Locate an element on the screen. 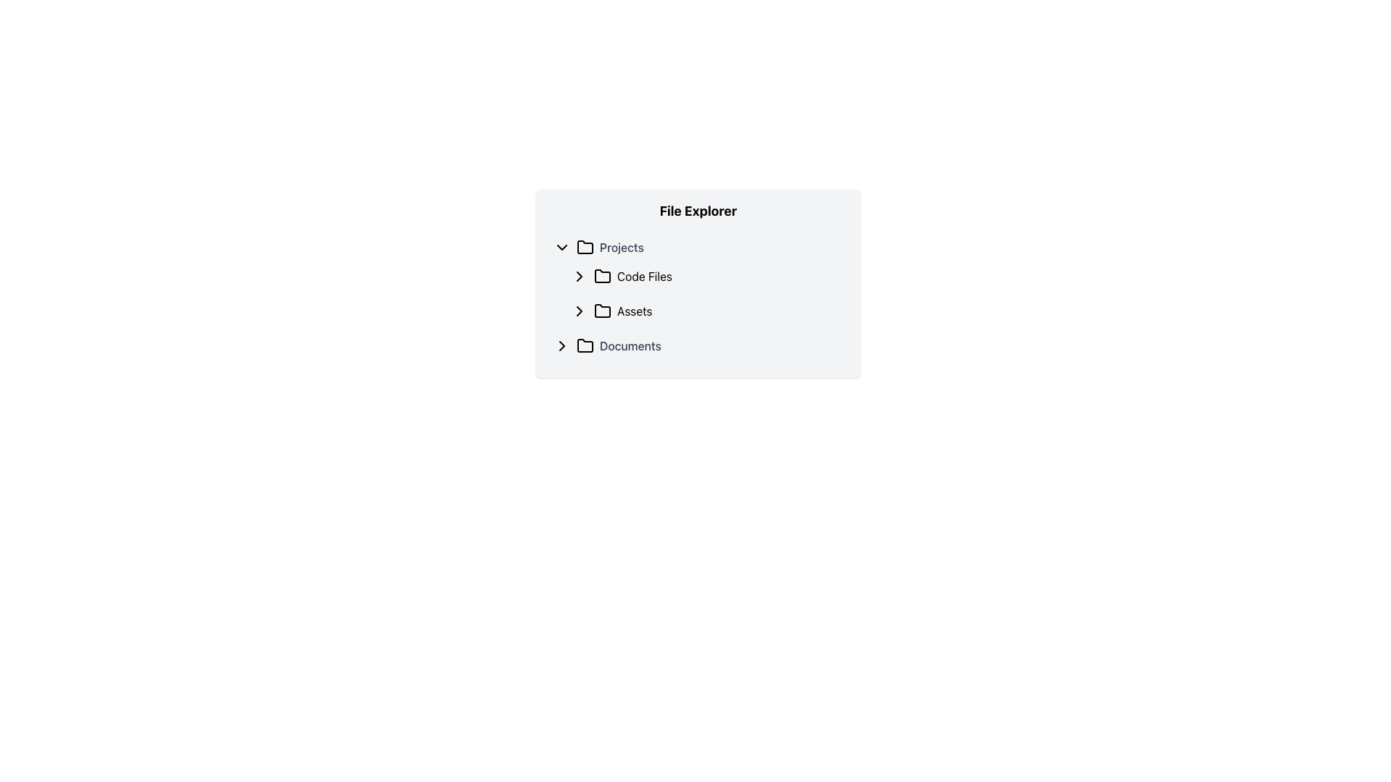 This screenshot has height=782, width=1391. the folder icon next to 'Code Files' is located at coordinates (602, 276).